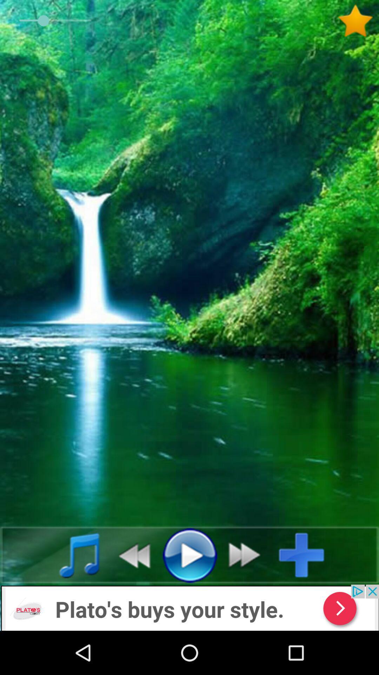 The height and width of the screenshot is (675, 379). Describe the element at coordinates (72, 554) in the screenshot. I see `music` at that location.